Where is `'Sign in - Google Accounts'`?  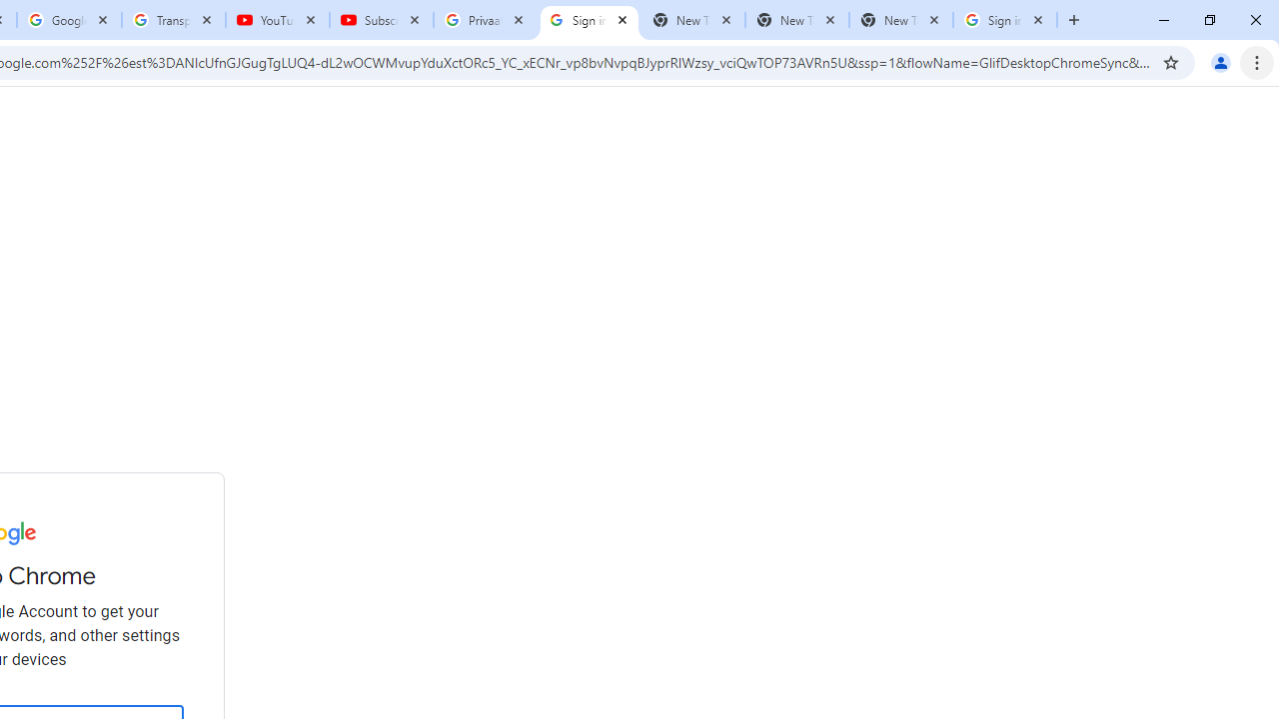
'Sign in - Google Accounts' is located at coordinates (1005, 20).